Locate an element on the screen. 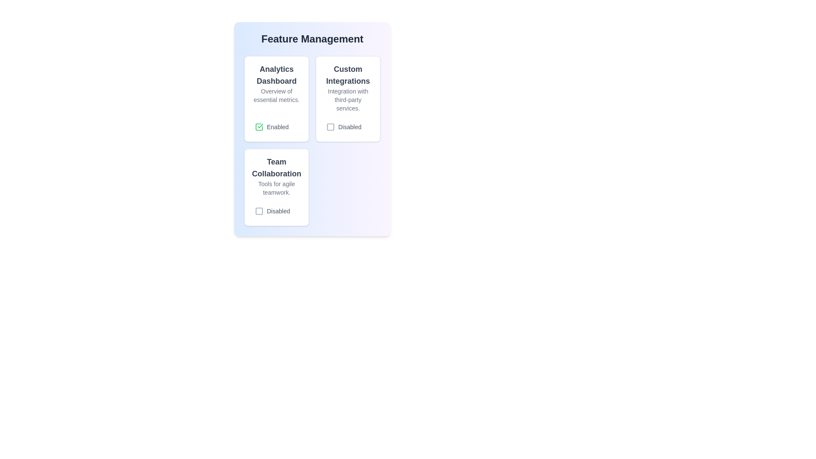 The height and width of the screenshot is (459, 816). the square outline icon styled in light gray color, located adjacent to the text 'Disabled' under the 'Team Collaboration' section is located at coordinates (258, 211).